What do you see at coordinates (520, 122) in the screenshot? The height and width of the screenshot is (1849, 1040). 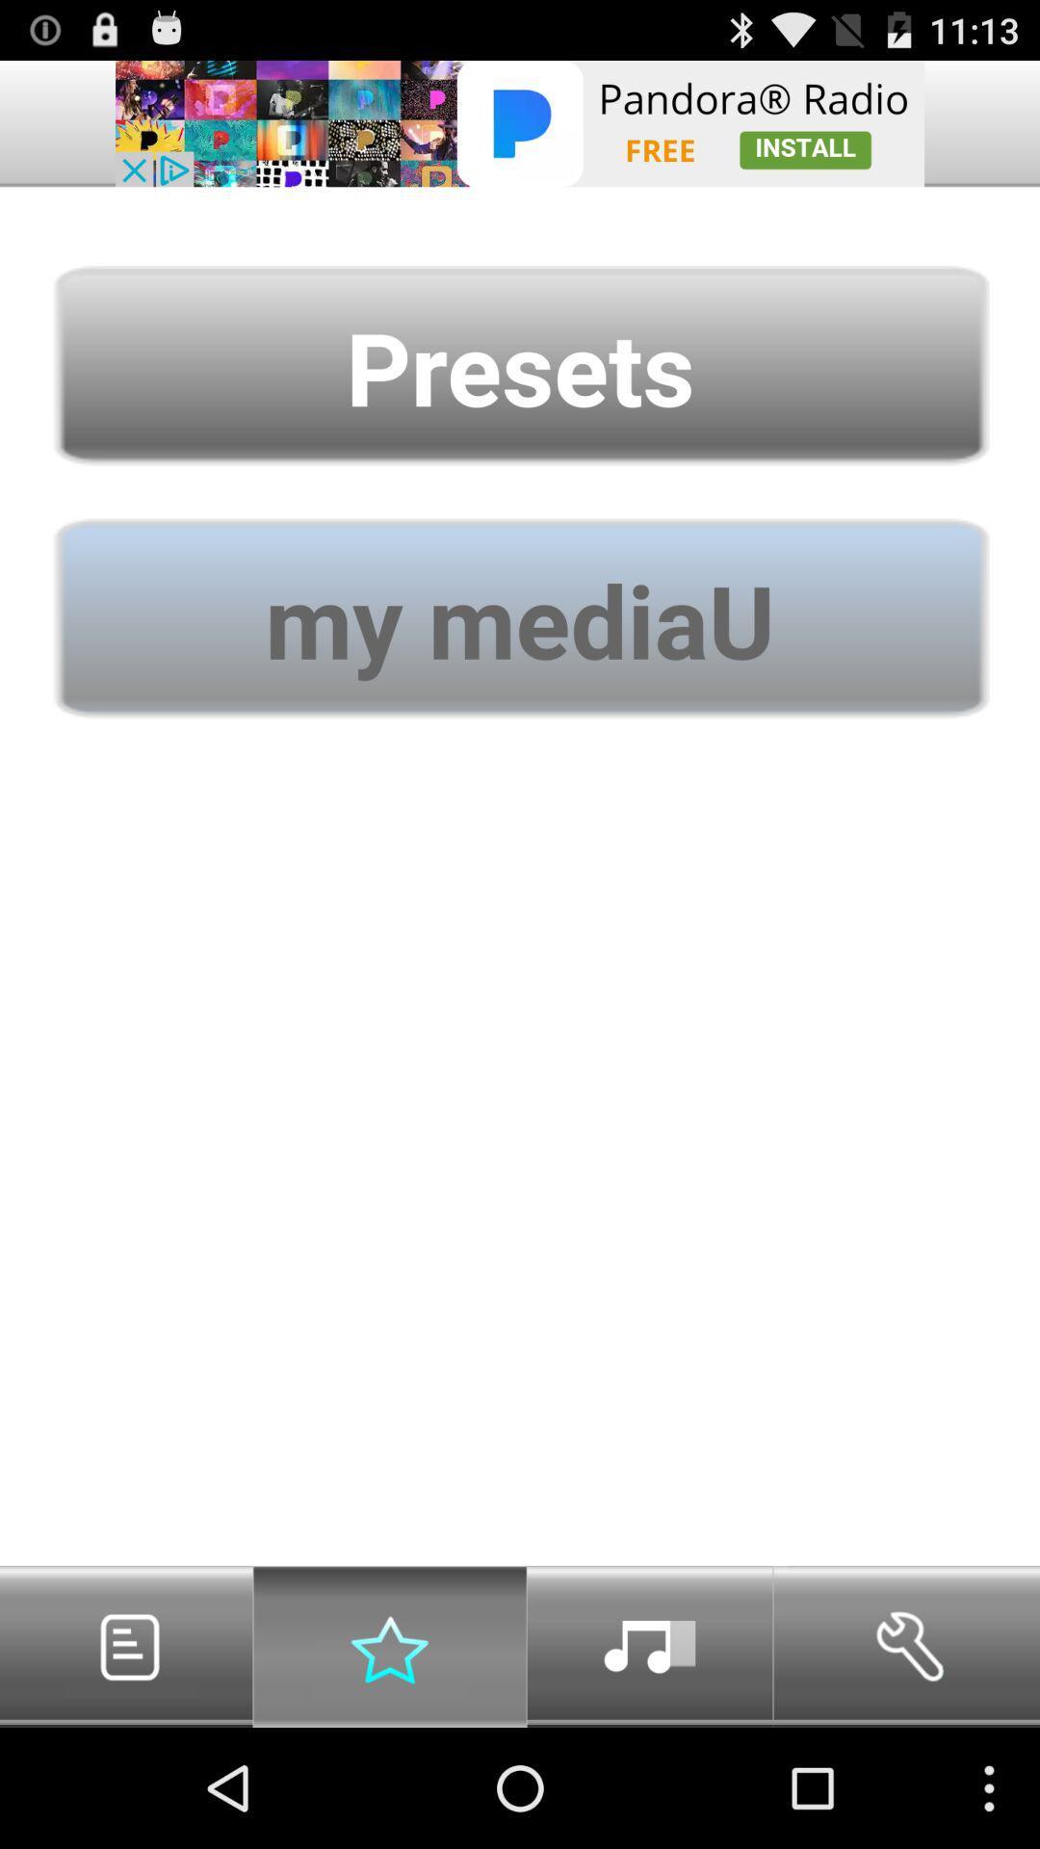 I see `open link to install pandora` at bounding box center [520, 122].